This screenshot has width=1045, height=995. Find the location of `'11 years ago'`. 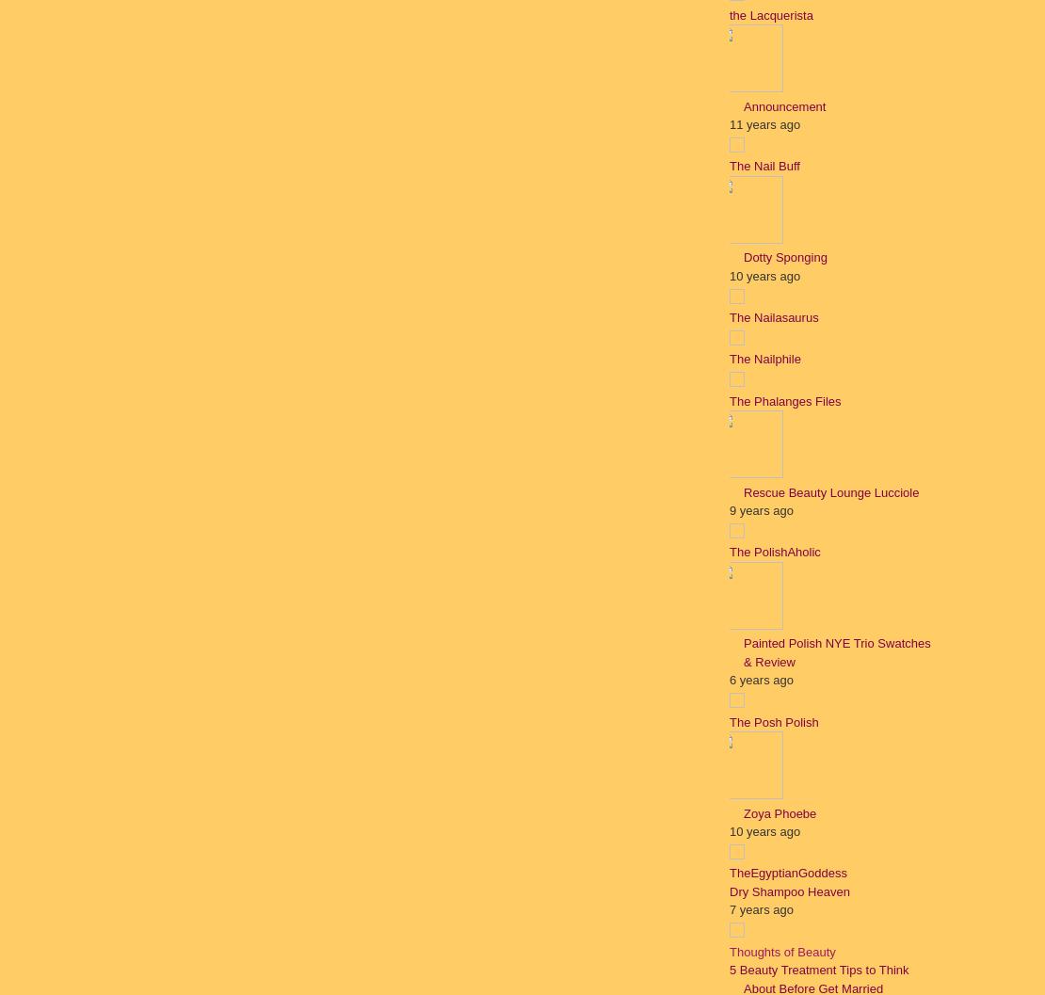

'11 years ago' is located at coordinates (764, 123).